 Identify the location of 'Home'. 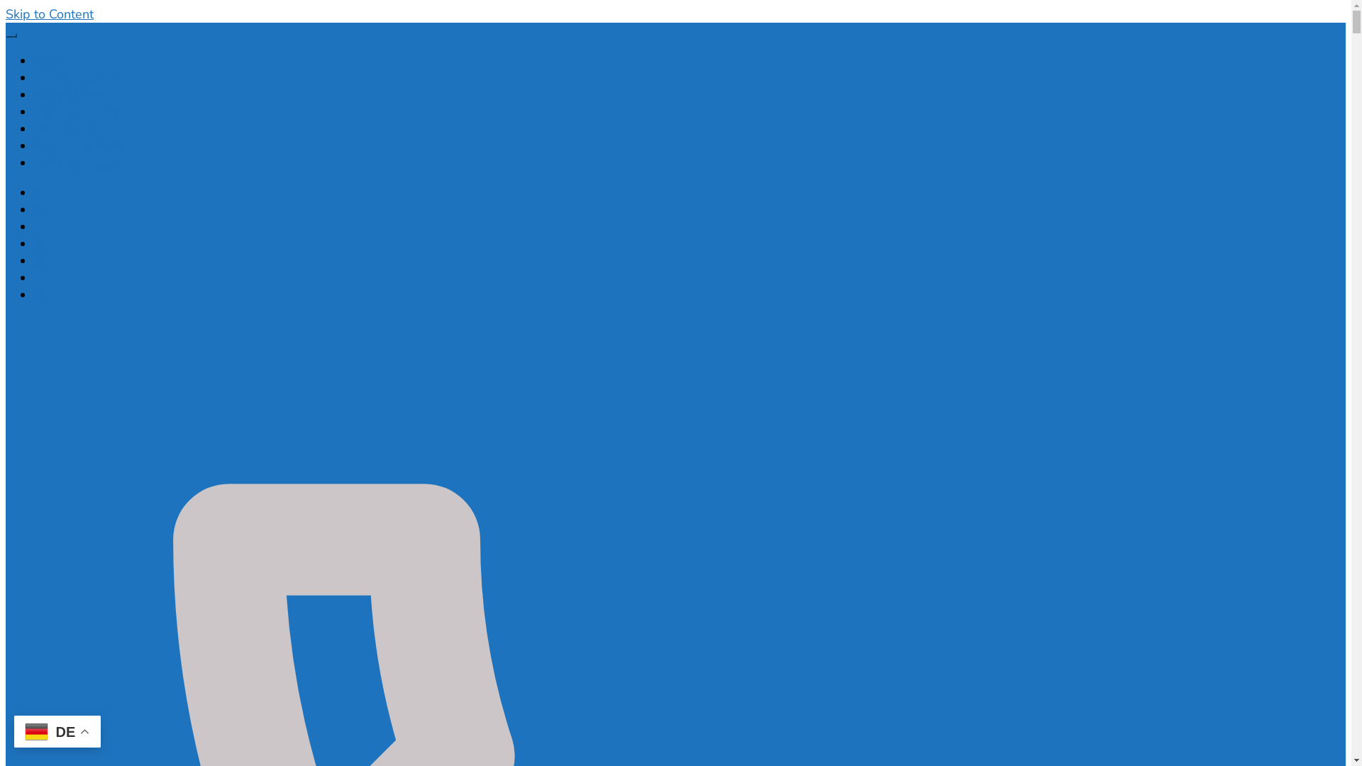
(51, 60).